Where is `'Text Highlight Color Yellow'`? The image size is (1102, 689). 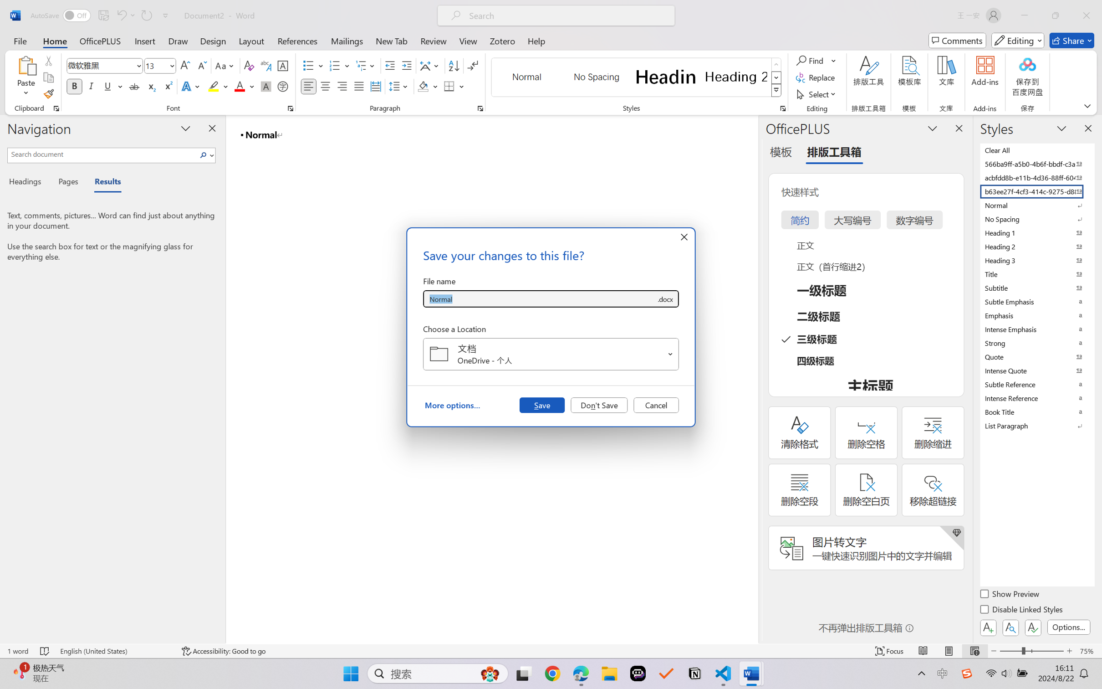
'Text Highlight Color Yellow' is located at coordinates (213, 86).